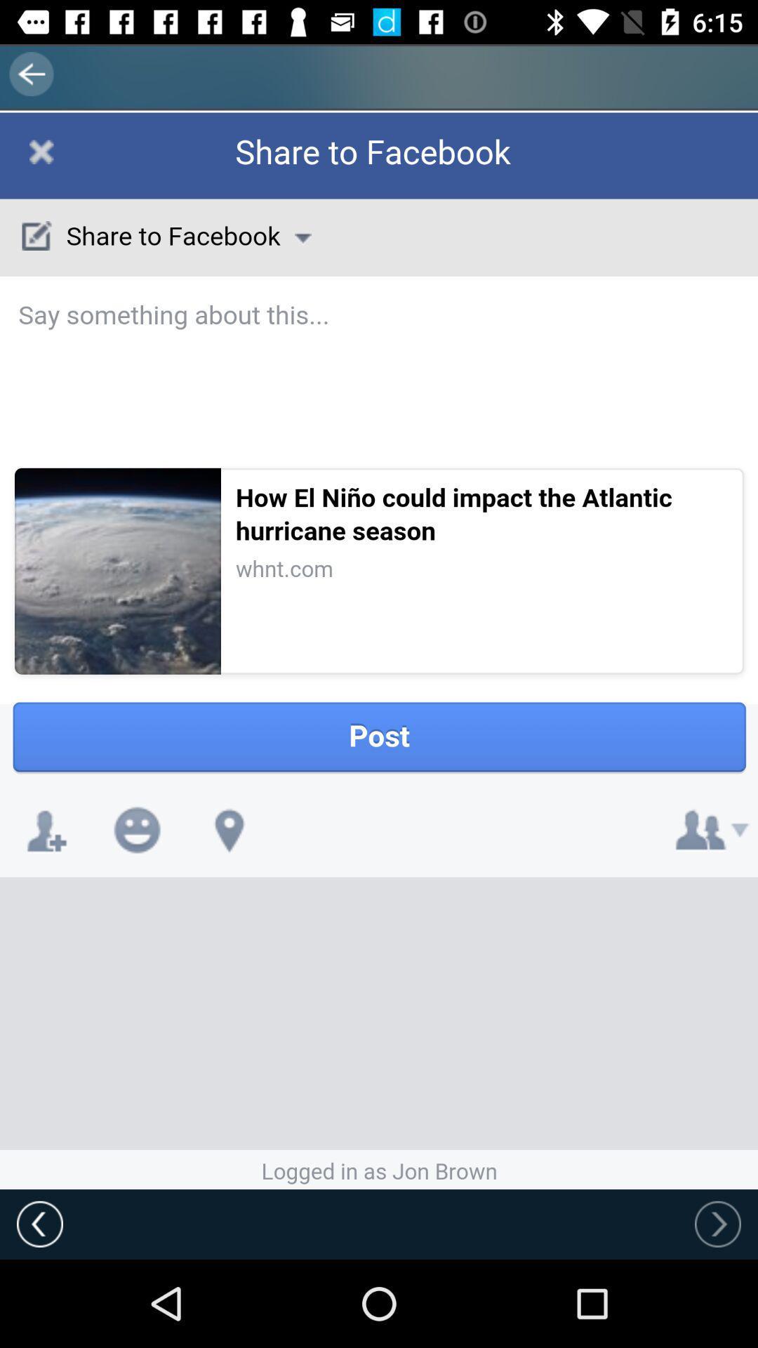  What do you see at coordinates (717, 1223) in the screenshot?
I see `next` at bounding box center [717, 1223].